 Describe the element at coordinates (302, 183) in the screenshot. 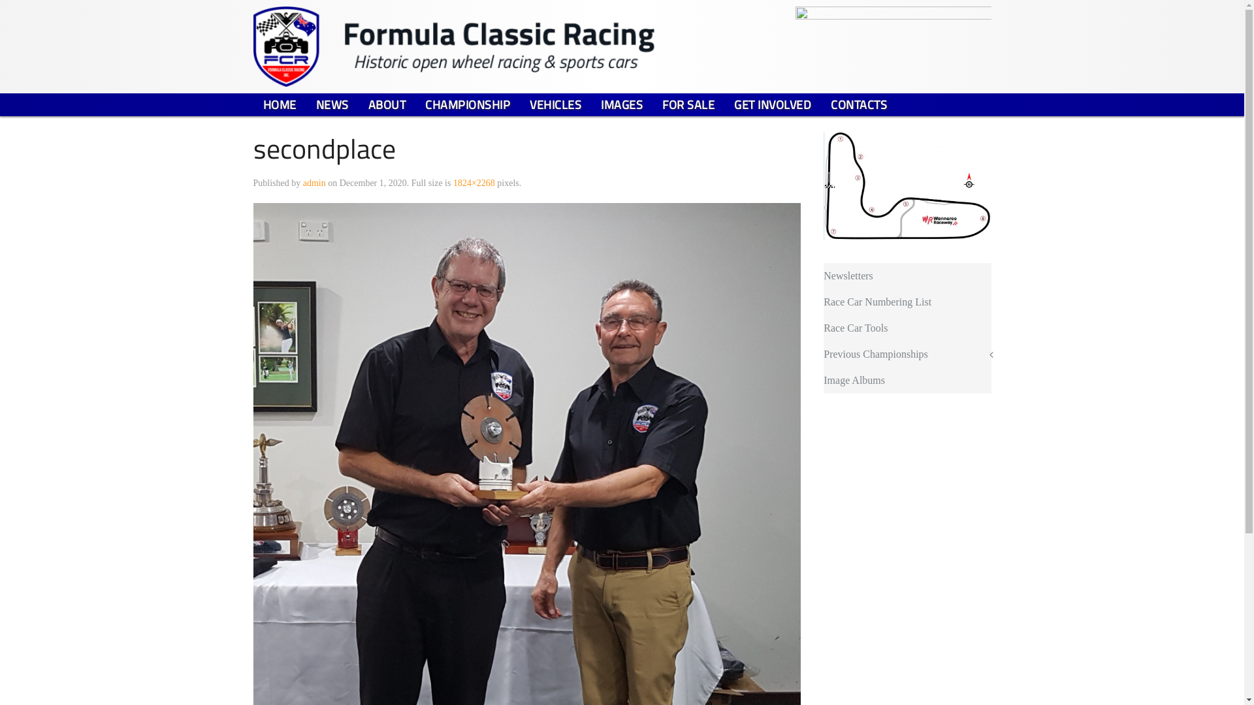

I see `'admin'` at that location.